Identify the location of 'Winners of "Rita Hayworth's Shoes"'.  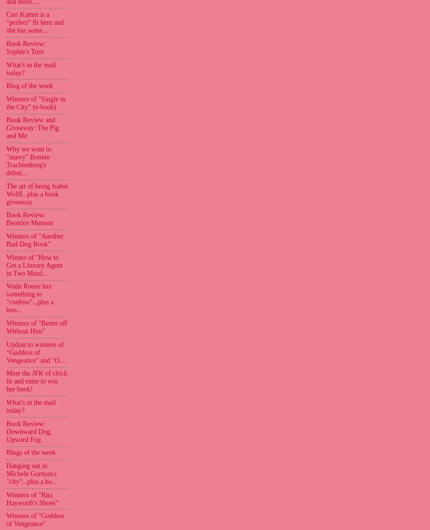
(32, 498).